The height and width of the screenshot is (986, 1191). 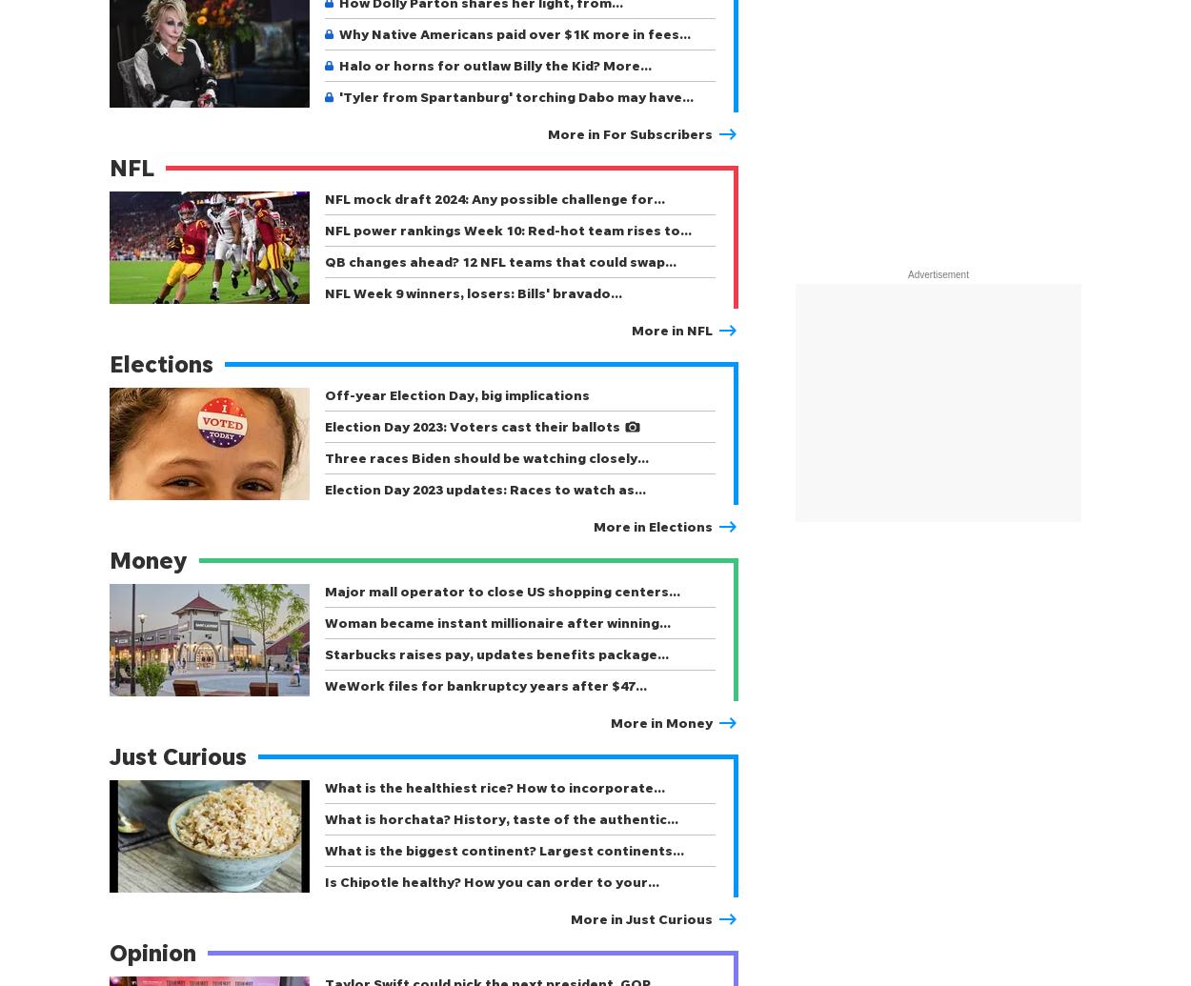 What do you see at coordinates (500, 261) in the screenshot?
I see `'QB changes ahead? 12 NFL teams that could swap…'` at bounding box center [500, 261].